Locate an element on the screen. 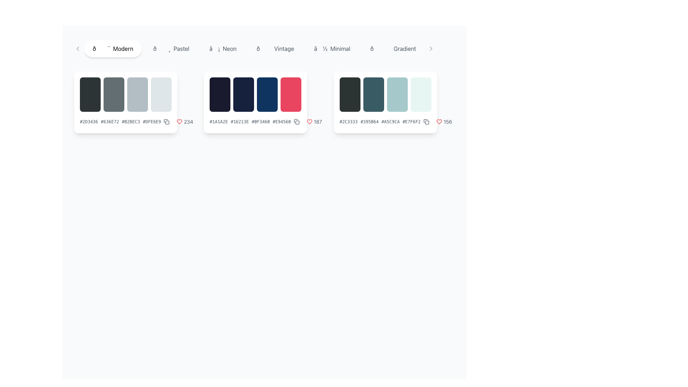  the text label displaying 'Vintage' is located at coordinates (283, 48).